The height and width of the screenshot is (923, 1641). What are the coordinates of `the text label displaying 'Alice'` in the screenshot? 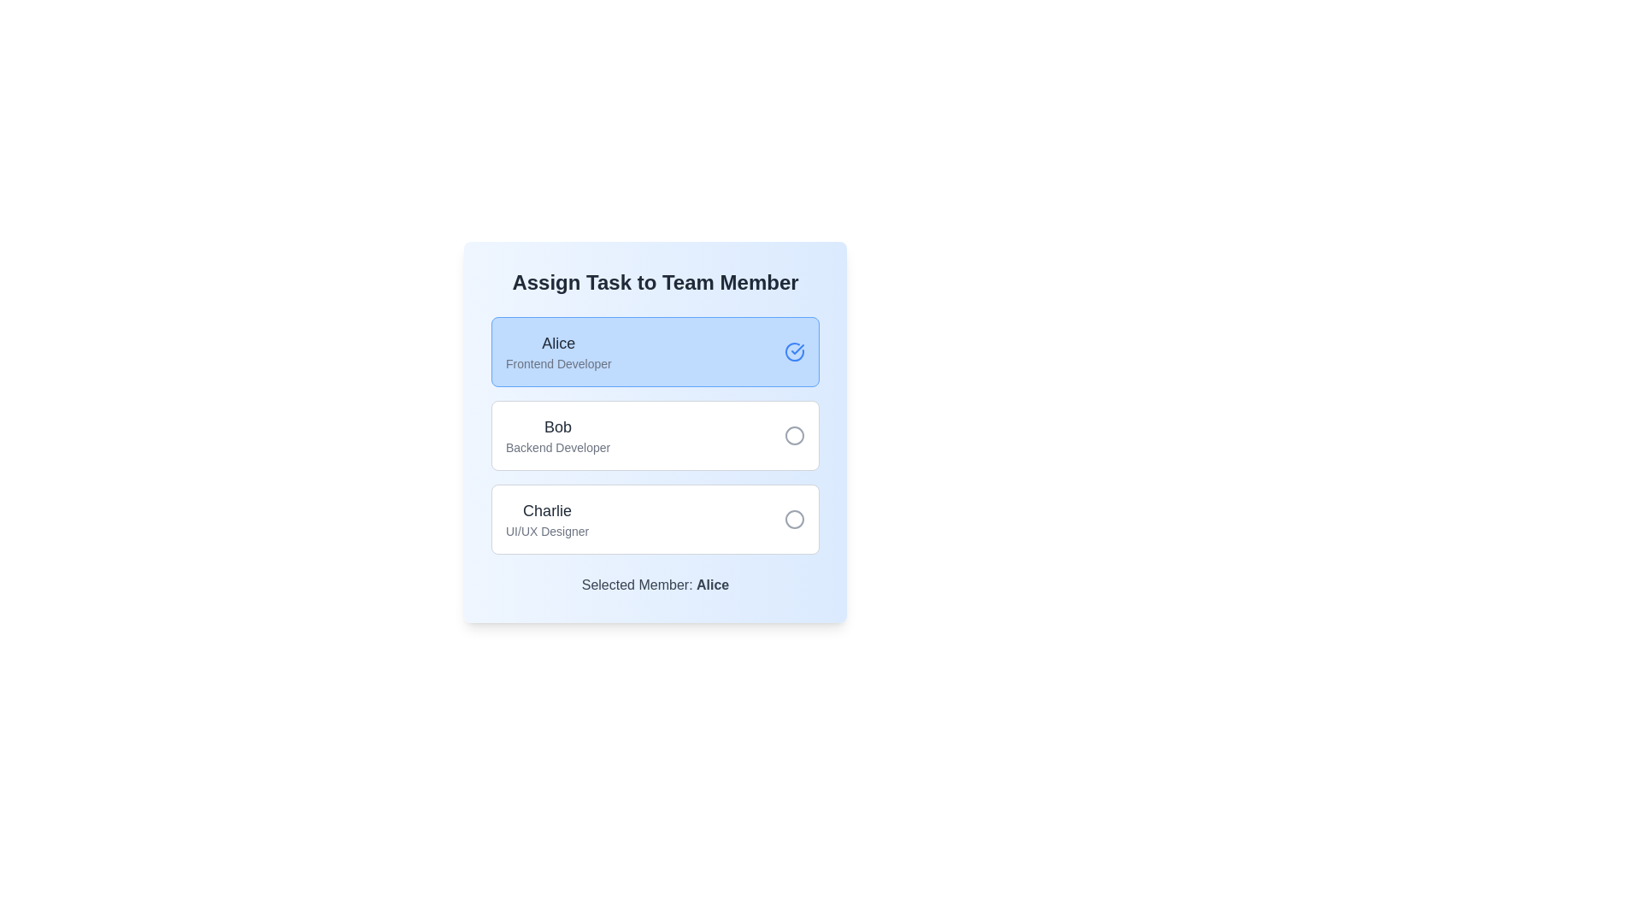 It's located at (558, 343).